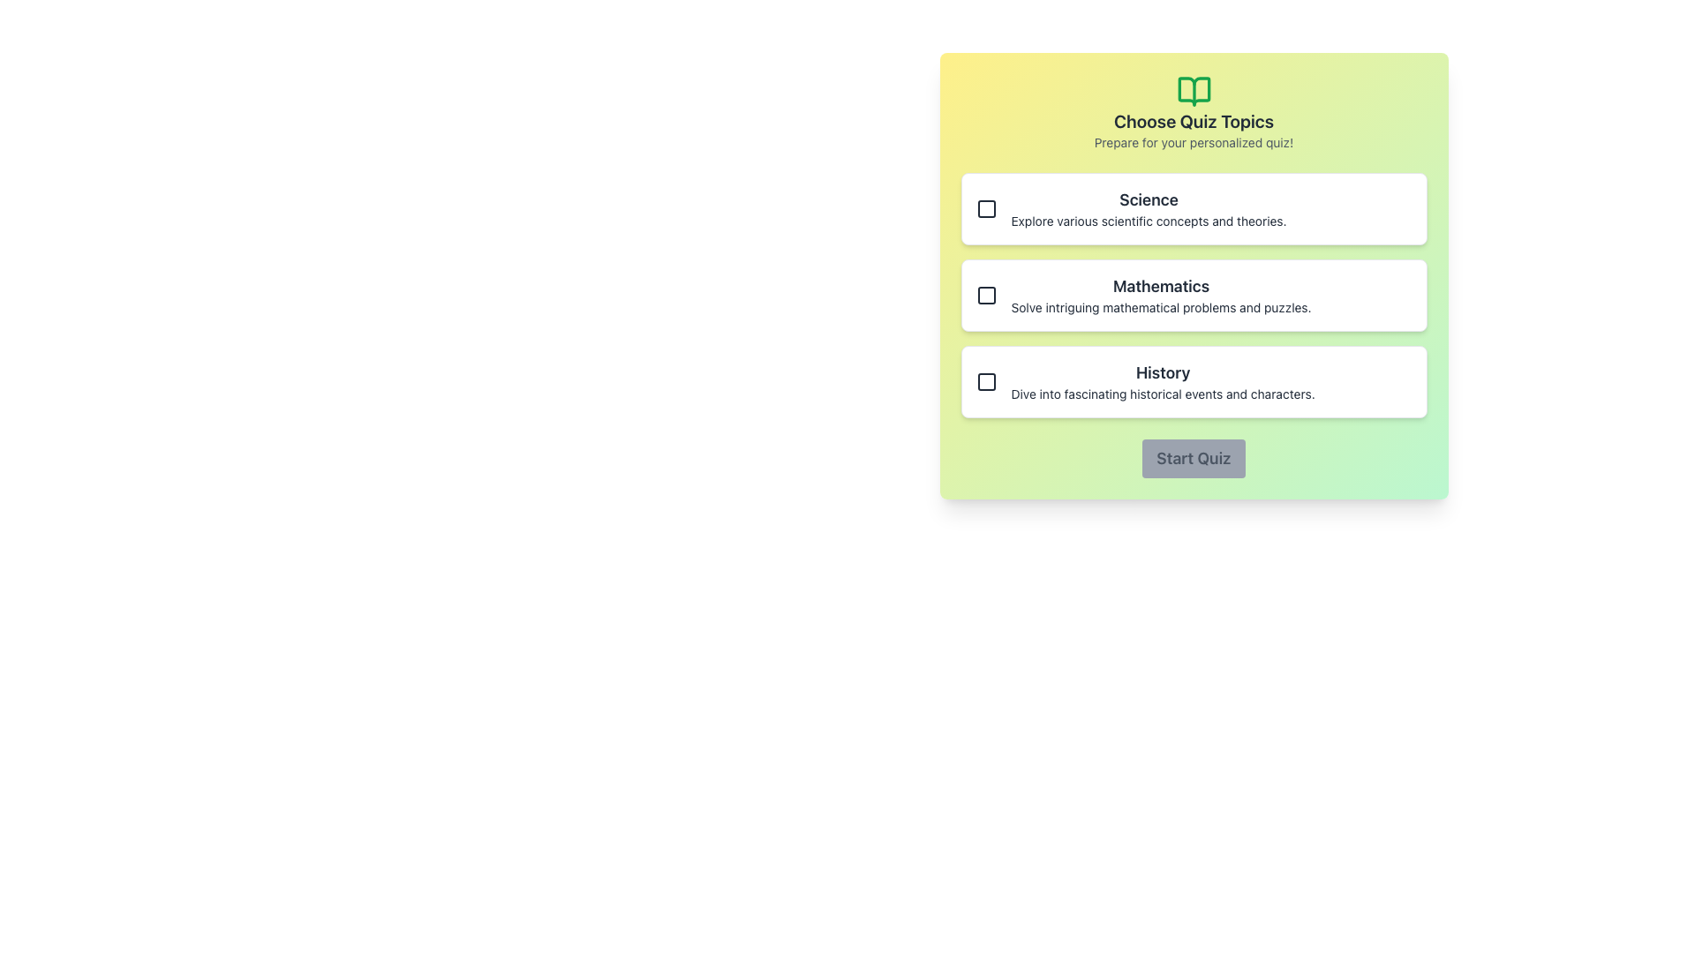 The image size is (1695, 953). I want to click on the static text heading that indicates the purpose of the page for selecting quiz topics, located below a green book icon and above the text 'Prepare for your personalized quiz!', so click(1194, 121).